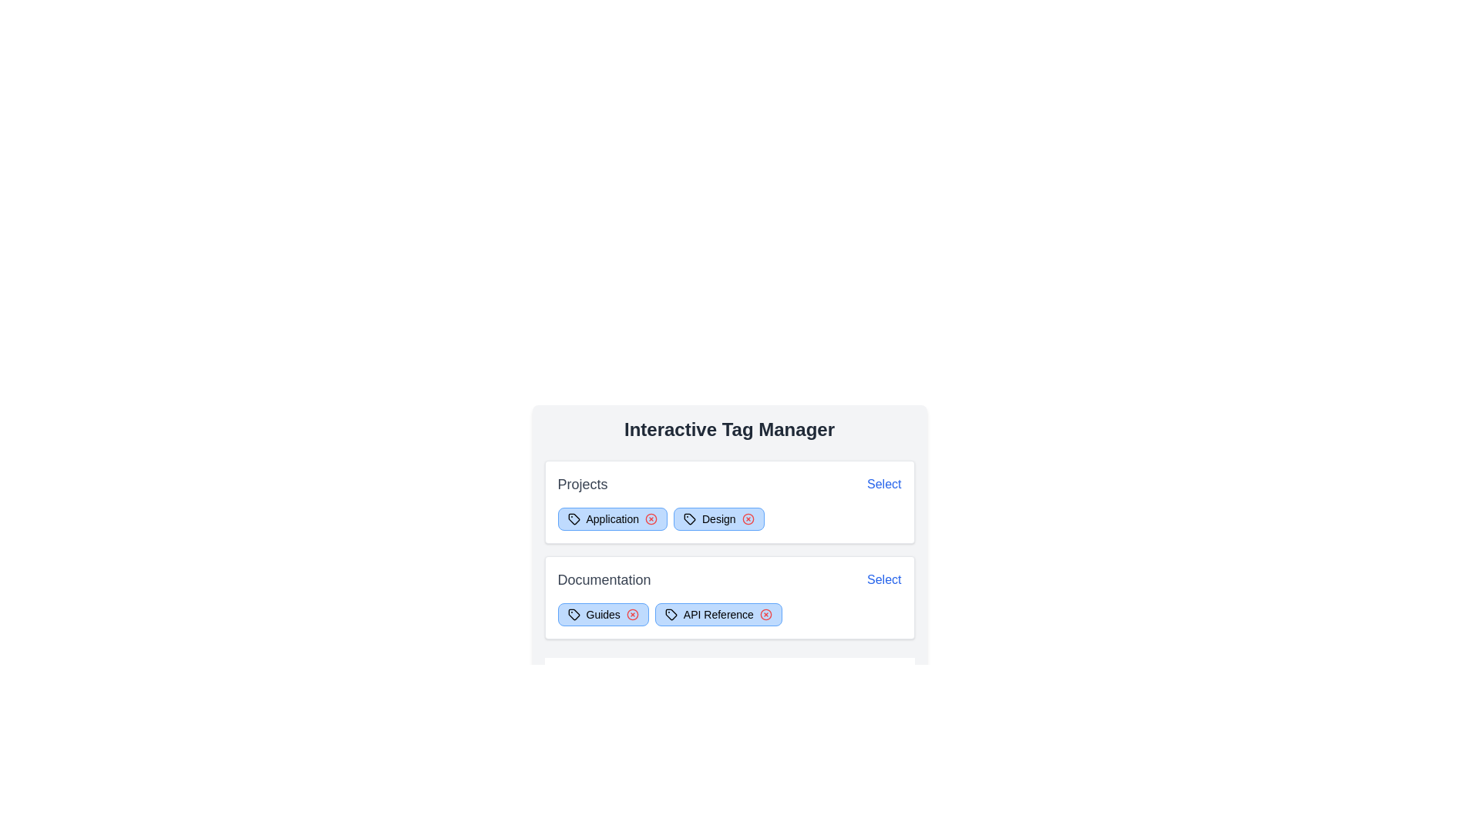 The height and width of the screenshot is (832, 1480). I want to click on the small, outlined tag-shaped icon styled in vector format, located inside the blue badge labeled 'Application' in the 'Projects' section, so click(573, 519).